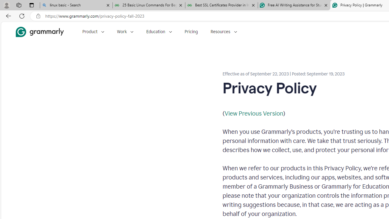  Describe the element at coordinates (149, 5) in the screenshot. I see `'25 Basic Linux Commands For Beginners - GeeksforGeeks'` at that location.